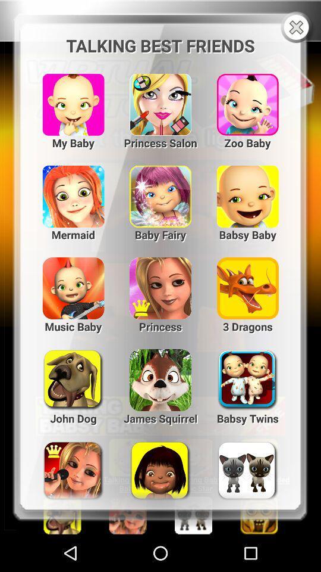 The image size is (321, 572). I want to click on 1st image in 1st row, so click(73, 99).